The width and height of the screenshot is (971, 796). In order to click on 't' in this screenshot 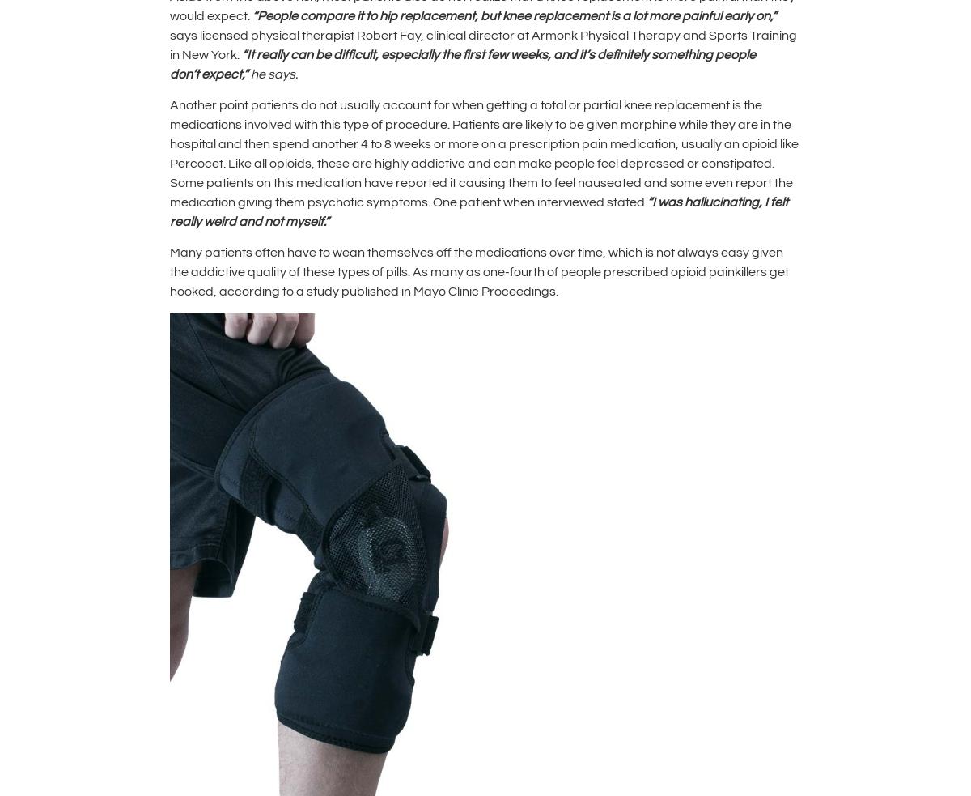, I will do `click(197, 73)`.